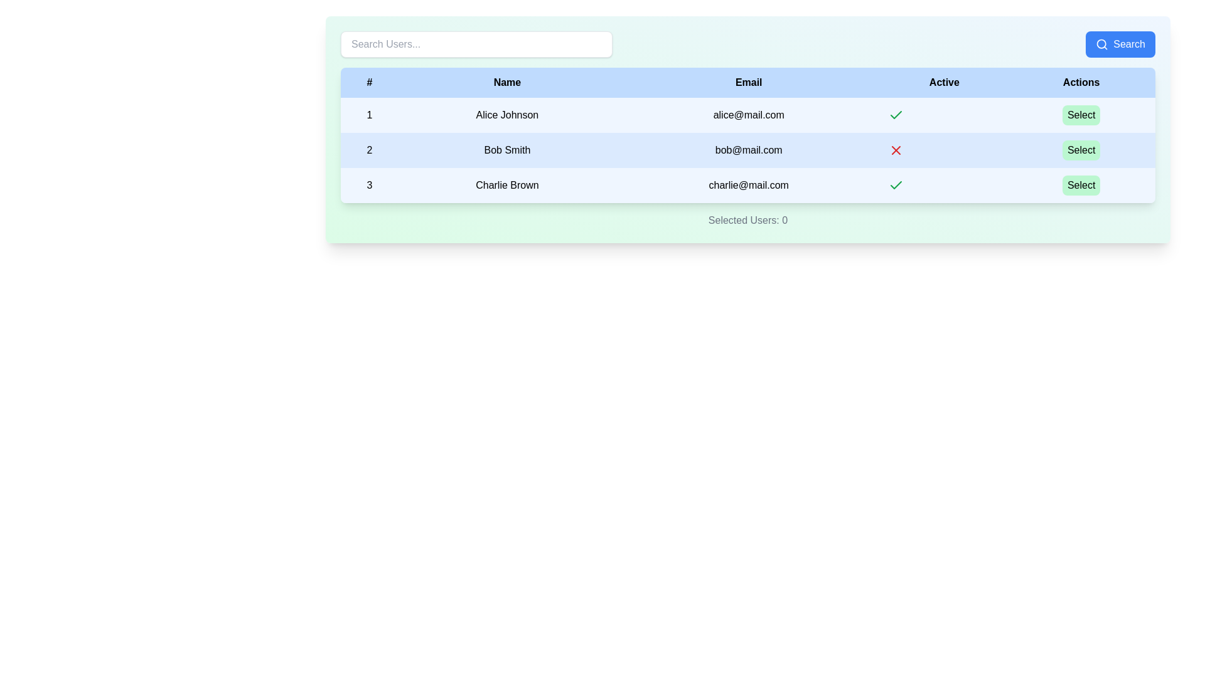 The height and width of the screenshot is (677, 1205). Describe the element at coordinates (1081, 115) in the screenshot. I see `the button in the 'Actions' column of the first row that corresponds to the entry 'Alice Johnson'` at that location.